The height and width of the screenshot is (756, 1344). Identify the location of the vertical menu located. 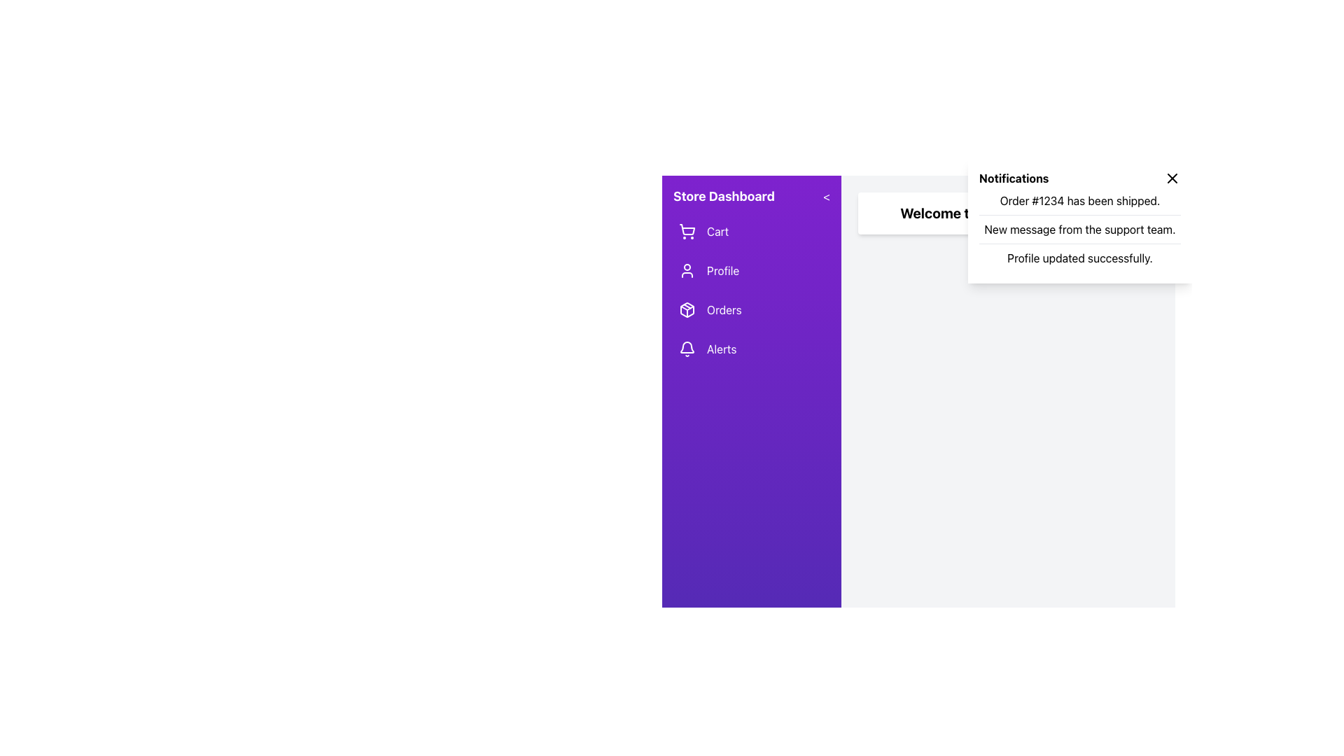
(751, 290).